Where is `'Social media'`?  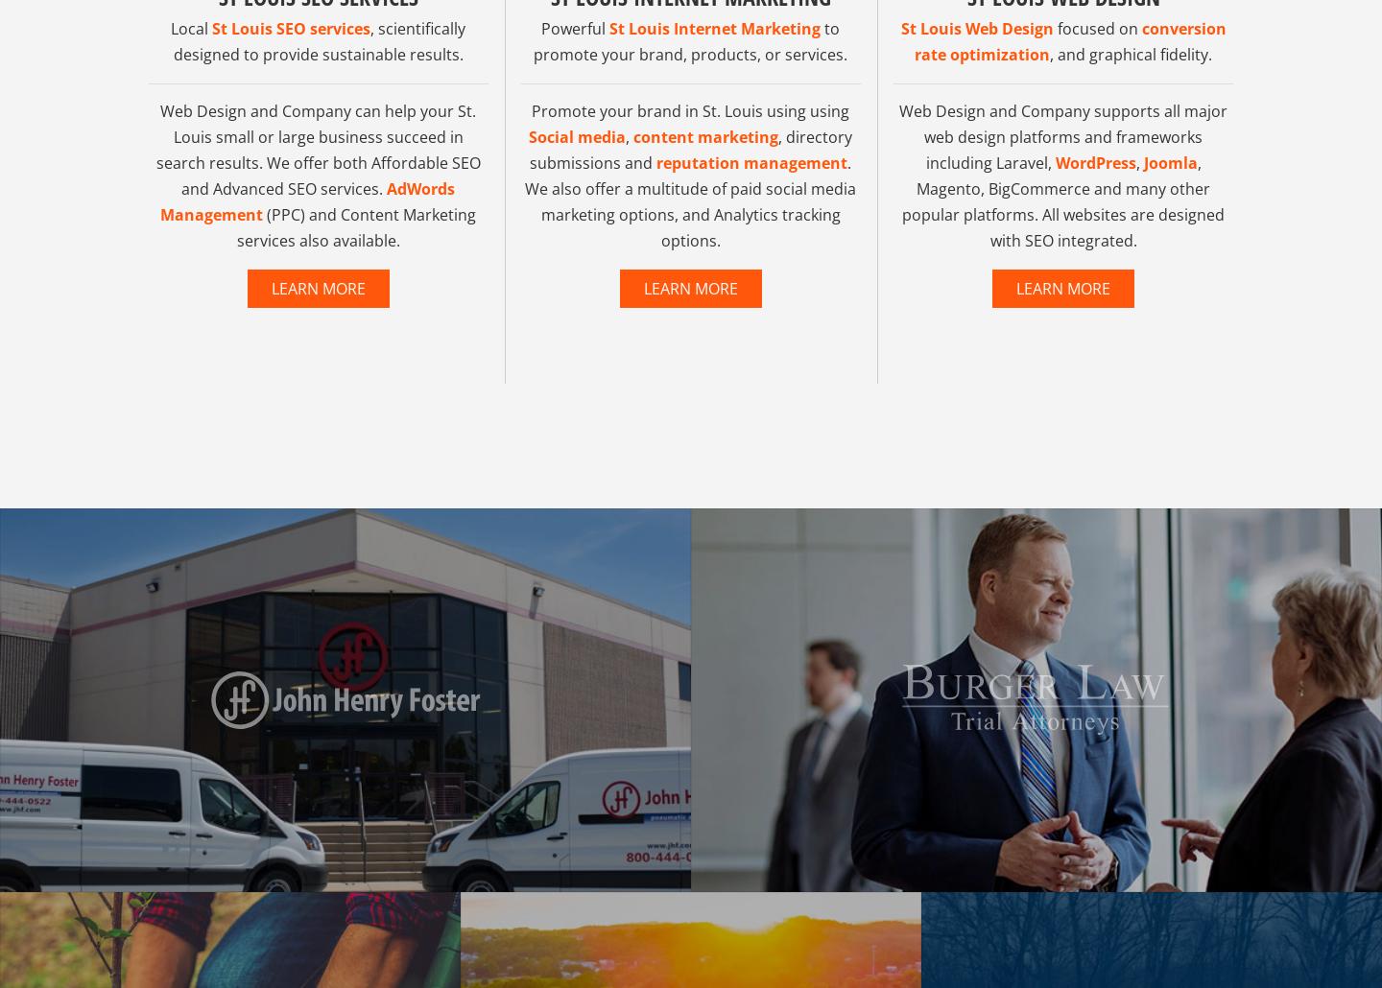 'Social media' is located at coordinates (528, 173).